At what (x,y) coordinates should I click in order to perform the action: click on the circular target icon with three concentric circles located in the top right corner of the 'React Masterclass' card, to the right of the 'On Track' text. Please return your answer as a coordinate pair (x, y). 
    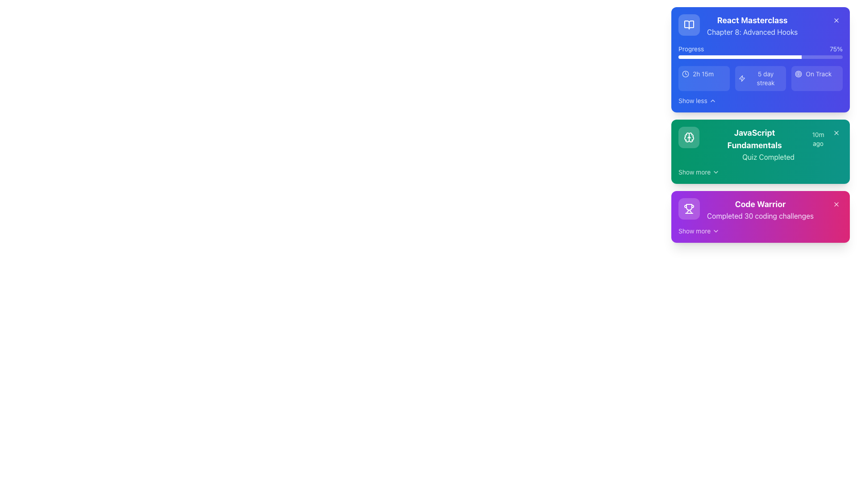
    Looking at the image, I should click on (799, 73).